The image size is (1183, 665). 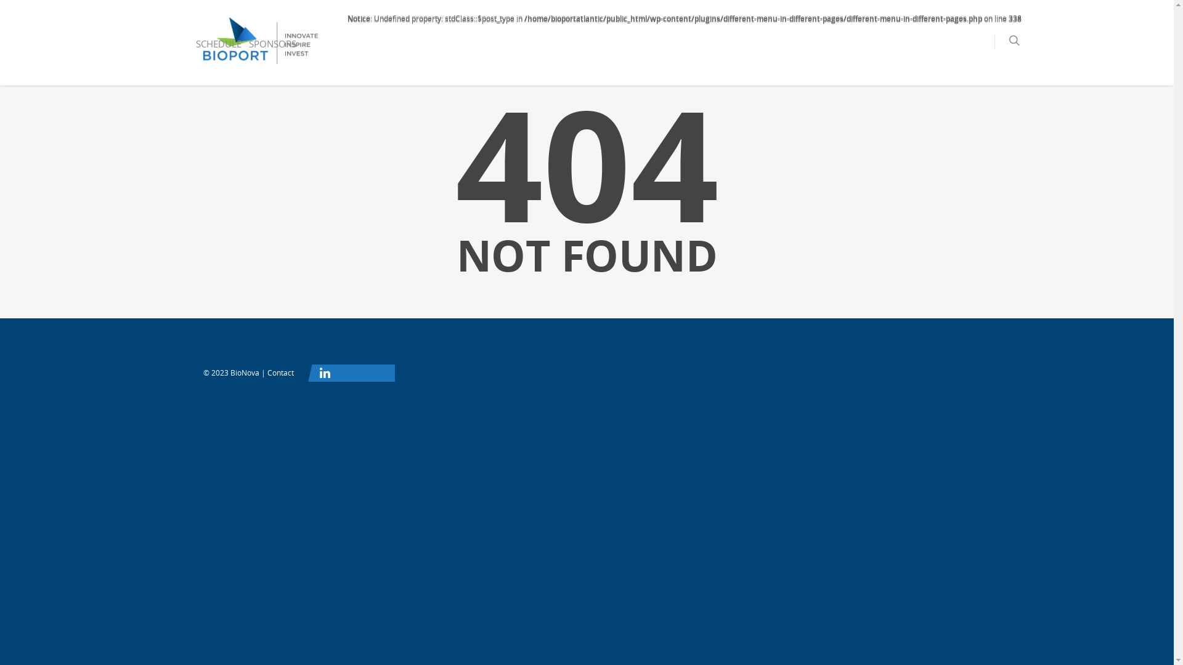 I want to click on 'Contact', so click(x=280, y=372).